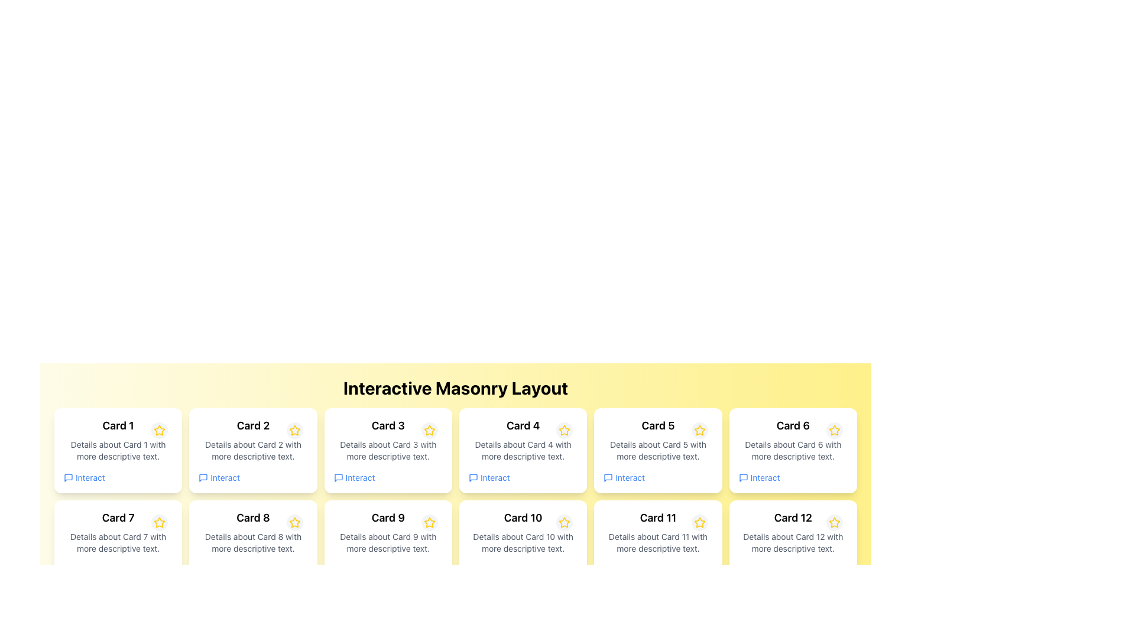 This screenshot has width=1135, height=638. Describe the element at coordinates (699, 431) in the screenshot. I see `the yellow-bordered star icon located in the top-right corner of the box labeled 'Card 5'` at that location.